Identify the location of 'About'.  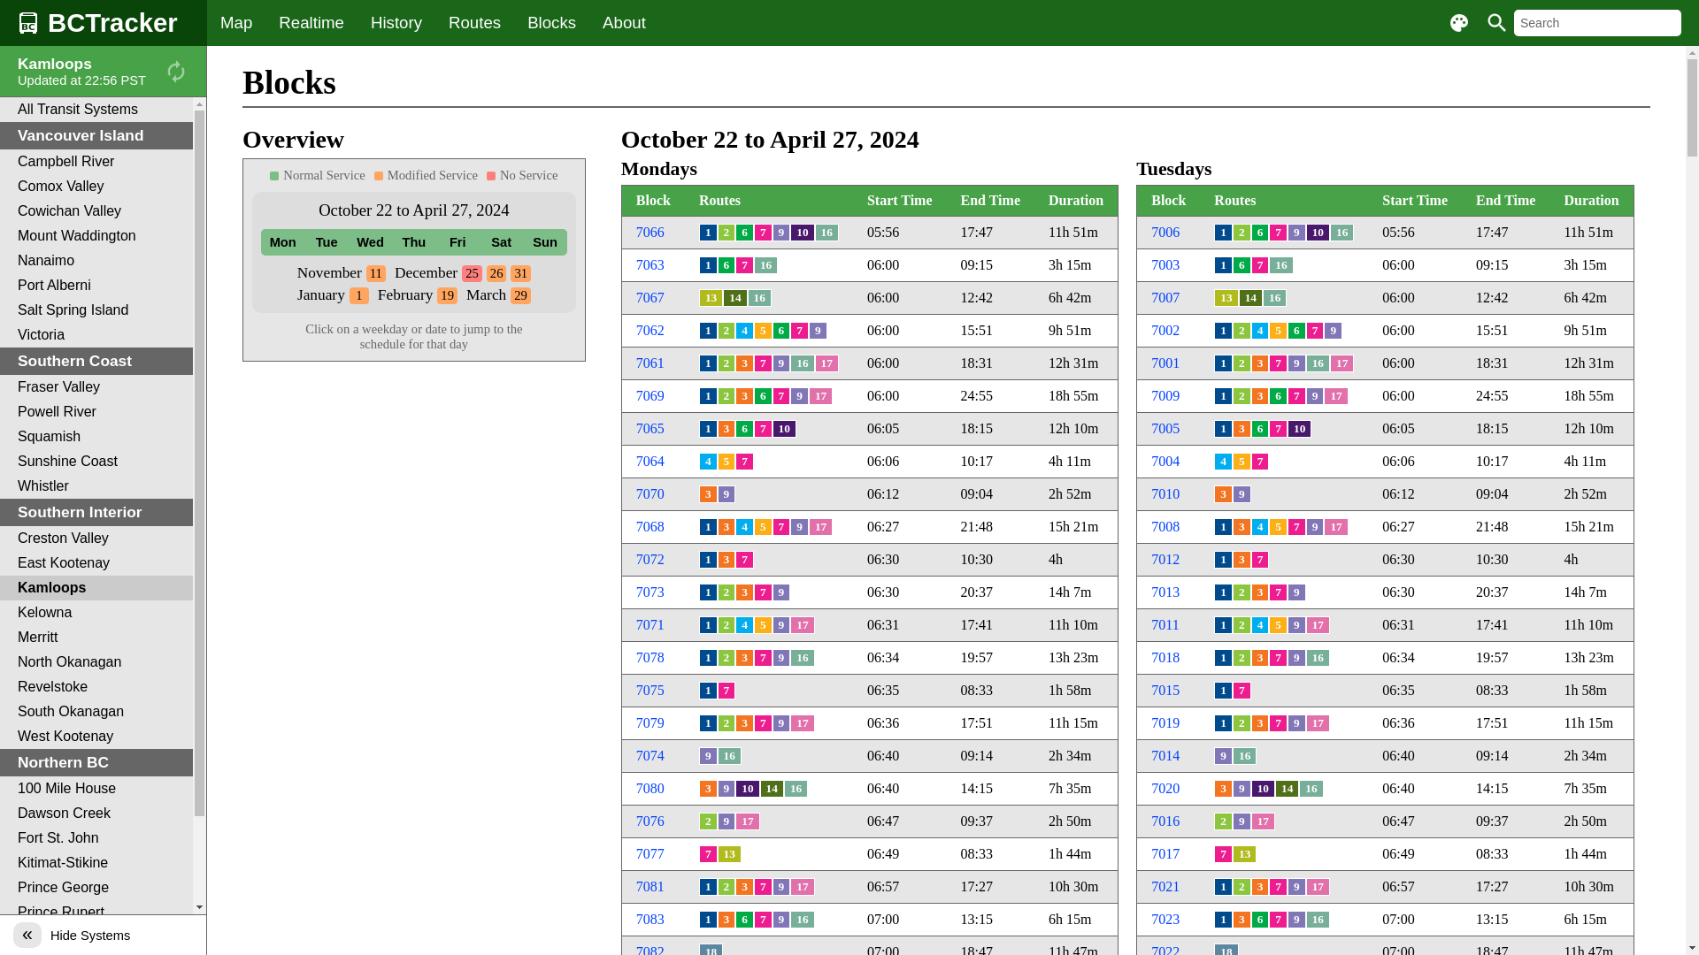
(624, 23).